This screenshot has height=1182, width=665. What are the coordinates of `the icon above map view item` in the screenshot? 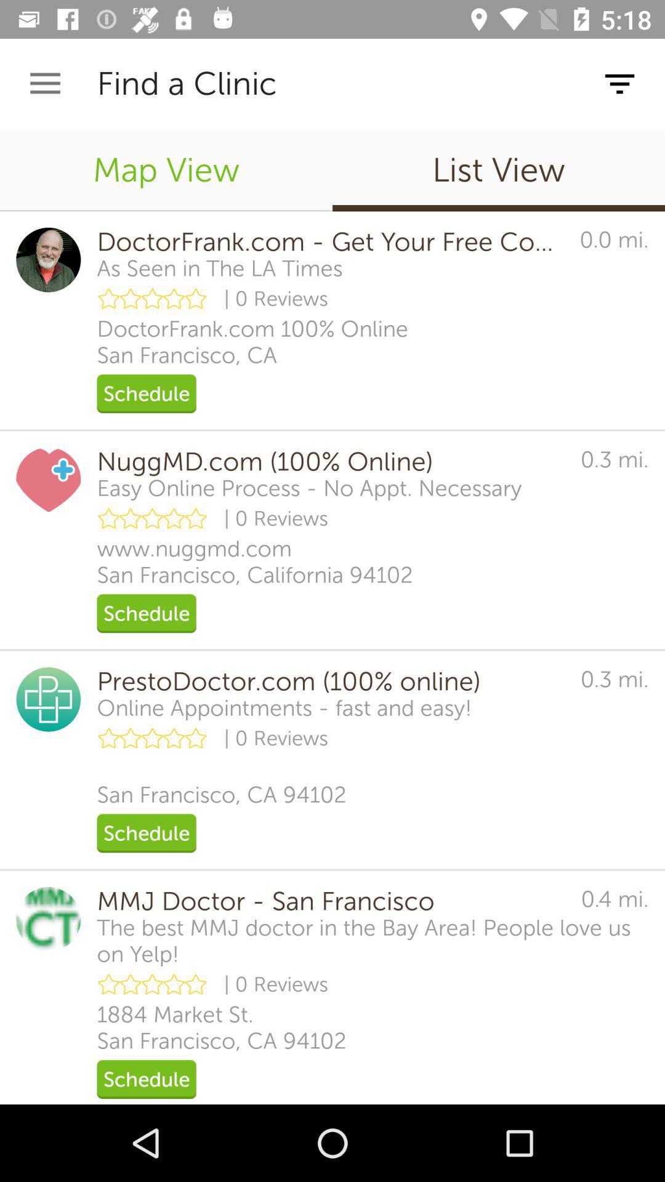 It's located at (44, 83).